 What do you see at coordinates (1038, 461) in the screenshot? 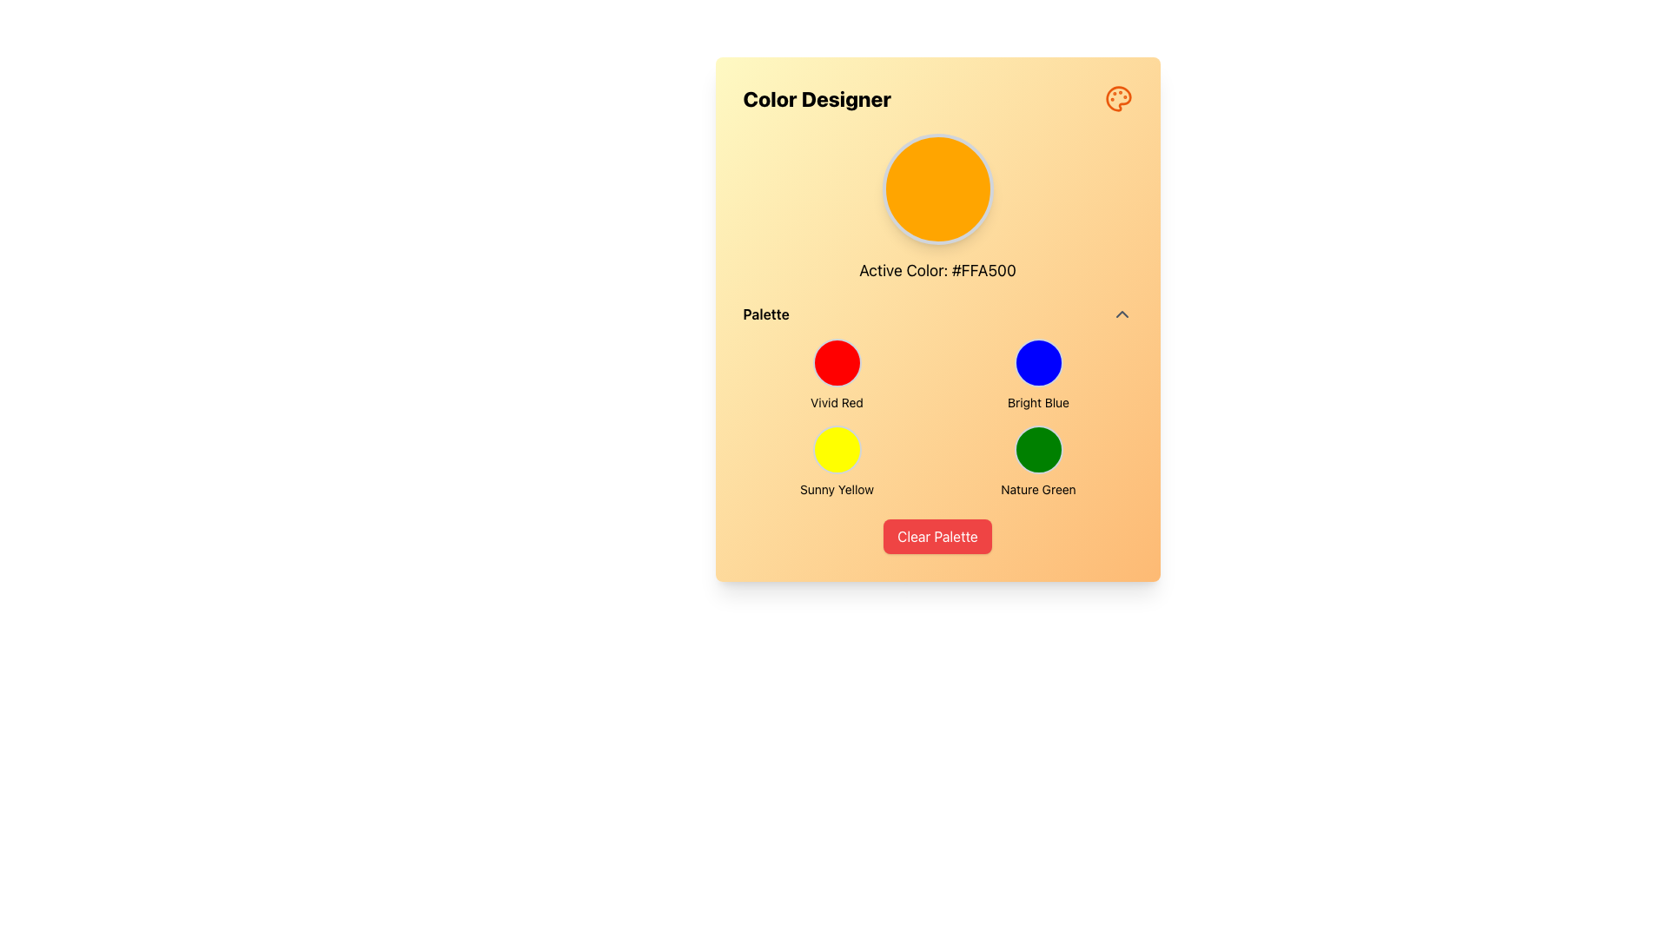
I see `the circular green 'Nature Green' color selection button located in the bottom-right corner of the color palette grid` at bounding box center [1038, 461].